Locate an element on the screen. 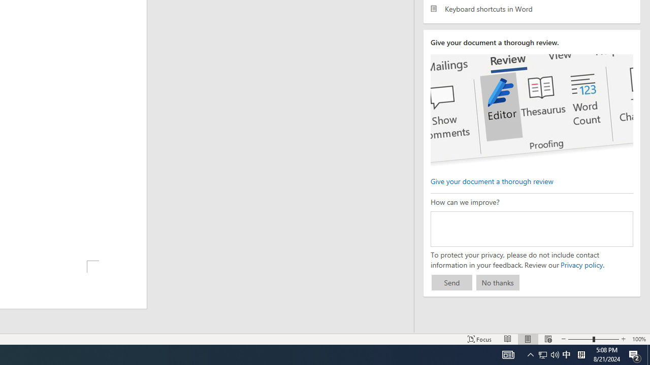 The width and height of the screenshot is (650, 365). 'Privacy policy' is located at coordinates (581, 264).